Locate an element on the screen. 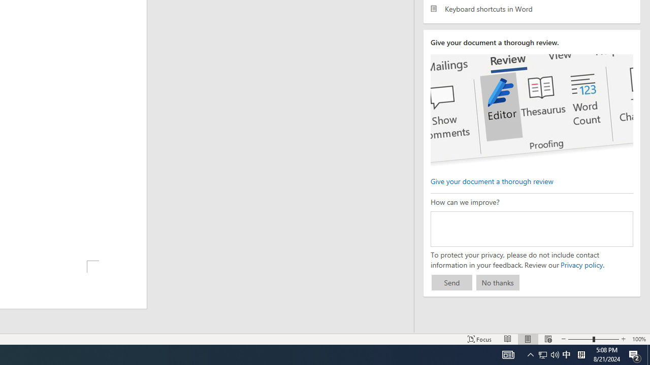 The width and height of the screenshot is (650, 365). 'Privacy policy' is located at coordinates (581, 264).